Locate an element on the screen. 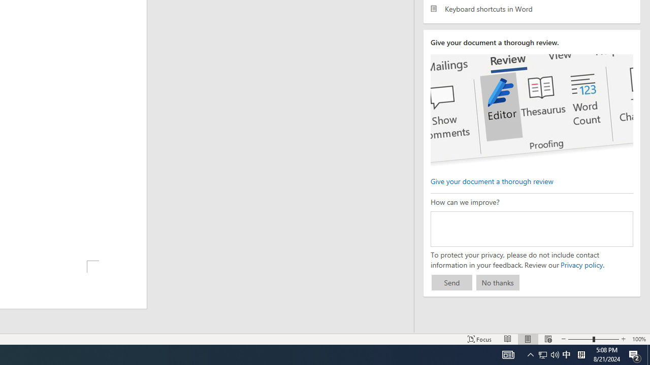 The width and height of the screenshot is (650, 365). 'Privacy policy' is located at coordinates (581, 264).